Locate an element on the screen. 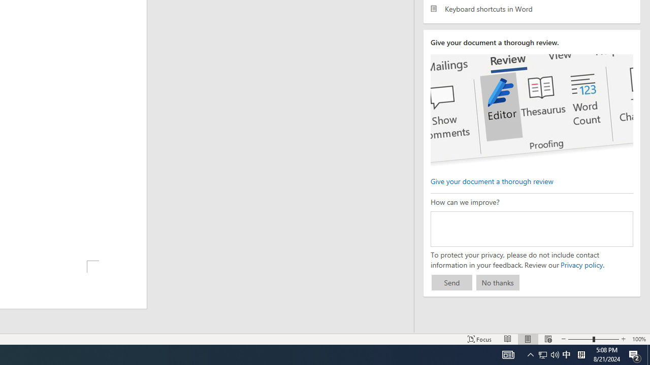 The width and height of the screenshot is (650, 365). 'Privacy policy' is located at coordinates (581, 264).